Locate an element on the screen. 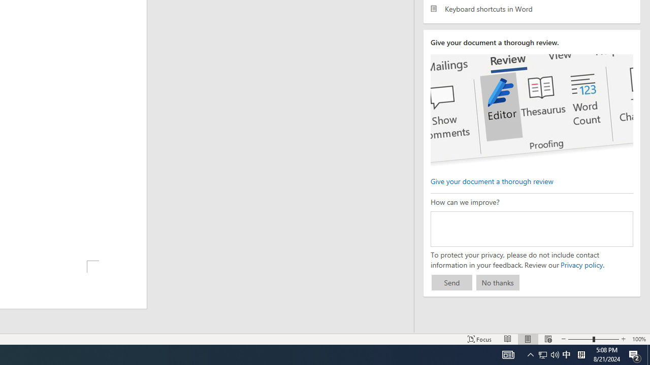 The width and height of the screenshot is (650, 365). 'Privacy policy' is located at coordinates (581, 264).